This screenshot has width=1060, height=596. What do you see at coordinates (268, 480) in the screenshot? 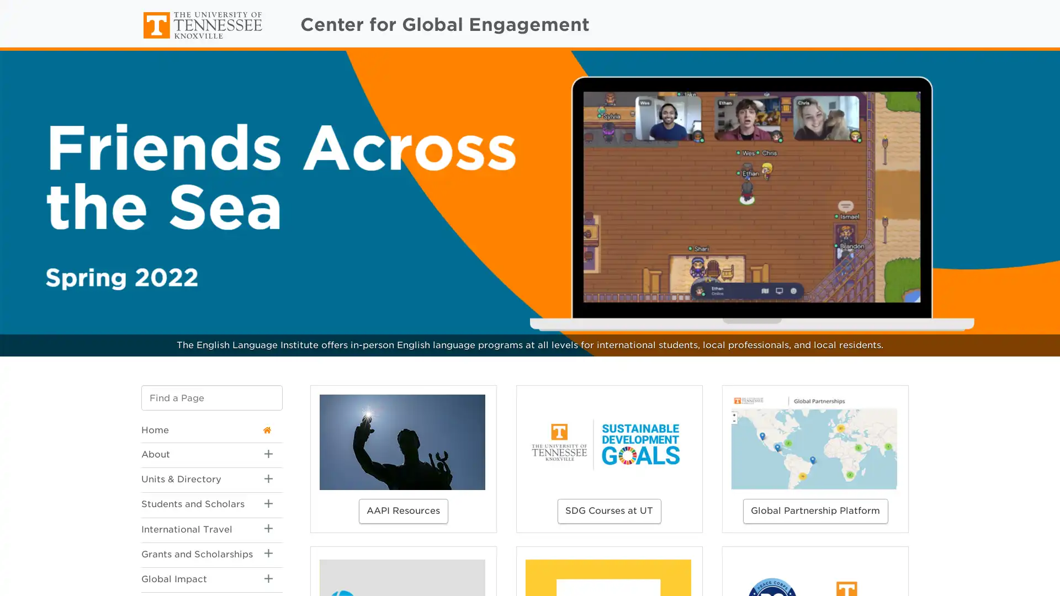
I see `Toggle Sub Menu` at bounding box center [268, 480].